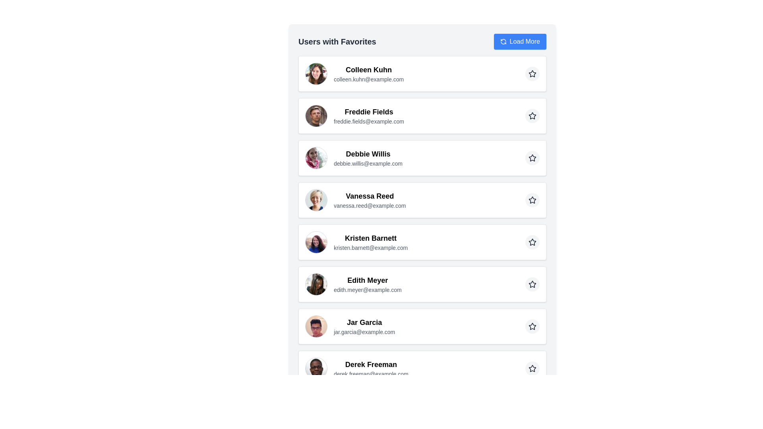 The width and height of the screenshot is (763, 429). I want to click on the text label displaying 'Derek Freeman', which is prominently styled in bold black font, positioned at the bottom of the visible list, adjacent to a profile picture and an interactive star button, so click(370, 365).